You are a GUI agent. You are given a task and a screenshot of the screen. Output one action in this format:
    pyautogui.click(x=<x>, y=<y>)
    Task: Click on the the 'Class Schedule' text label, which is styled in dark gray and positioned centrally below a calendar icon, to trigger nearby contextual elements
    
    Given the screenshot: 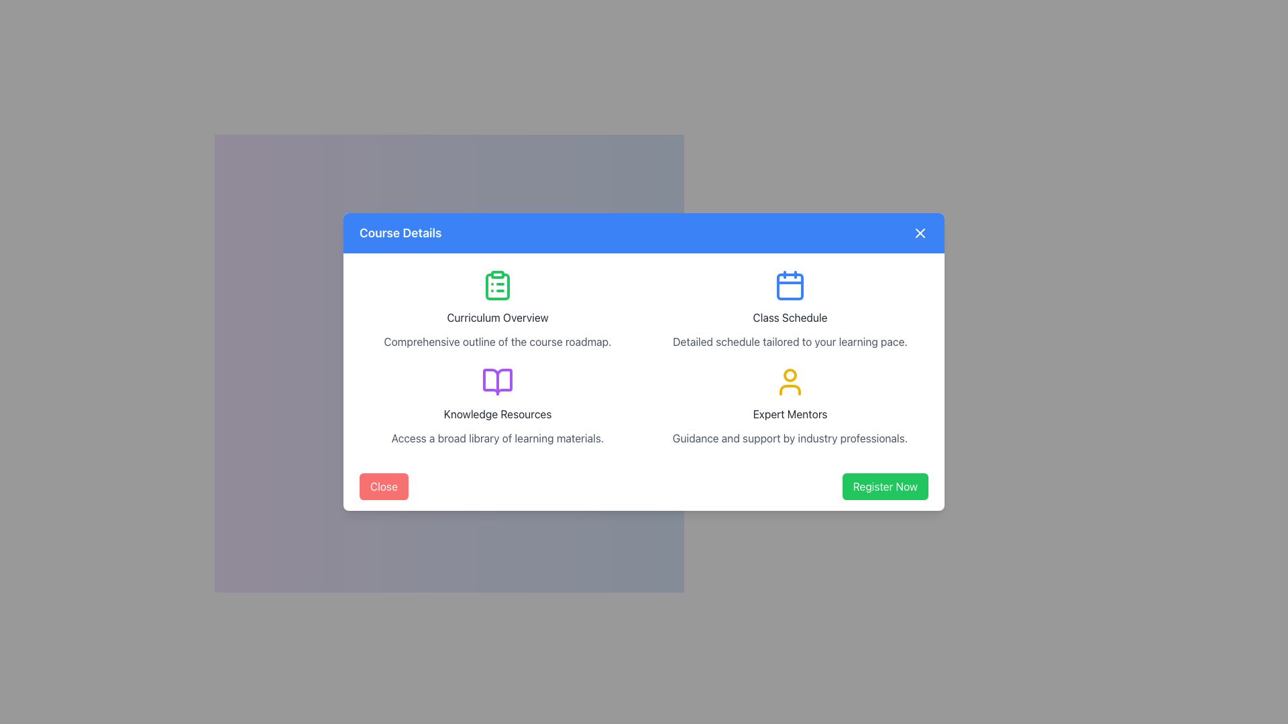 What is the action you would take?
    pyautogui.click(x=790, y=318)
    